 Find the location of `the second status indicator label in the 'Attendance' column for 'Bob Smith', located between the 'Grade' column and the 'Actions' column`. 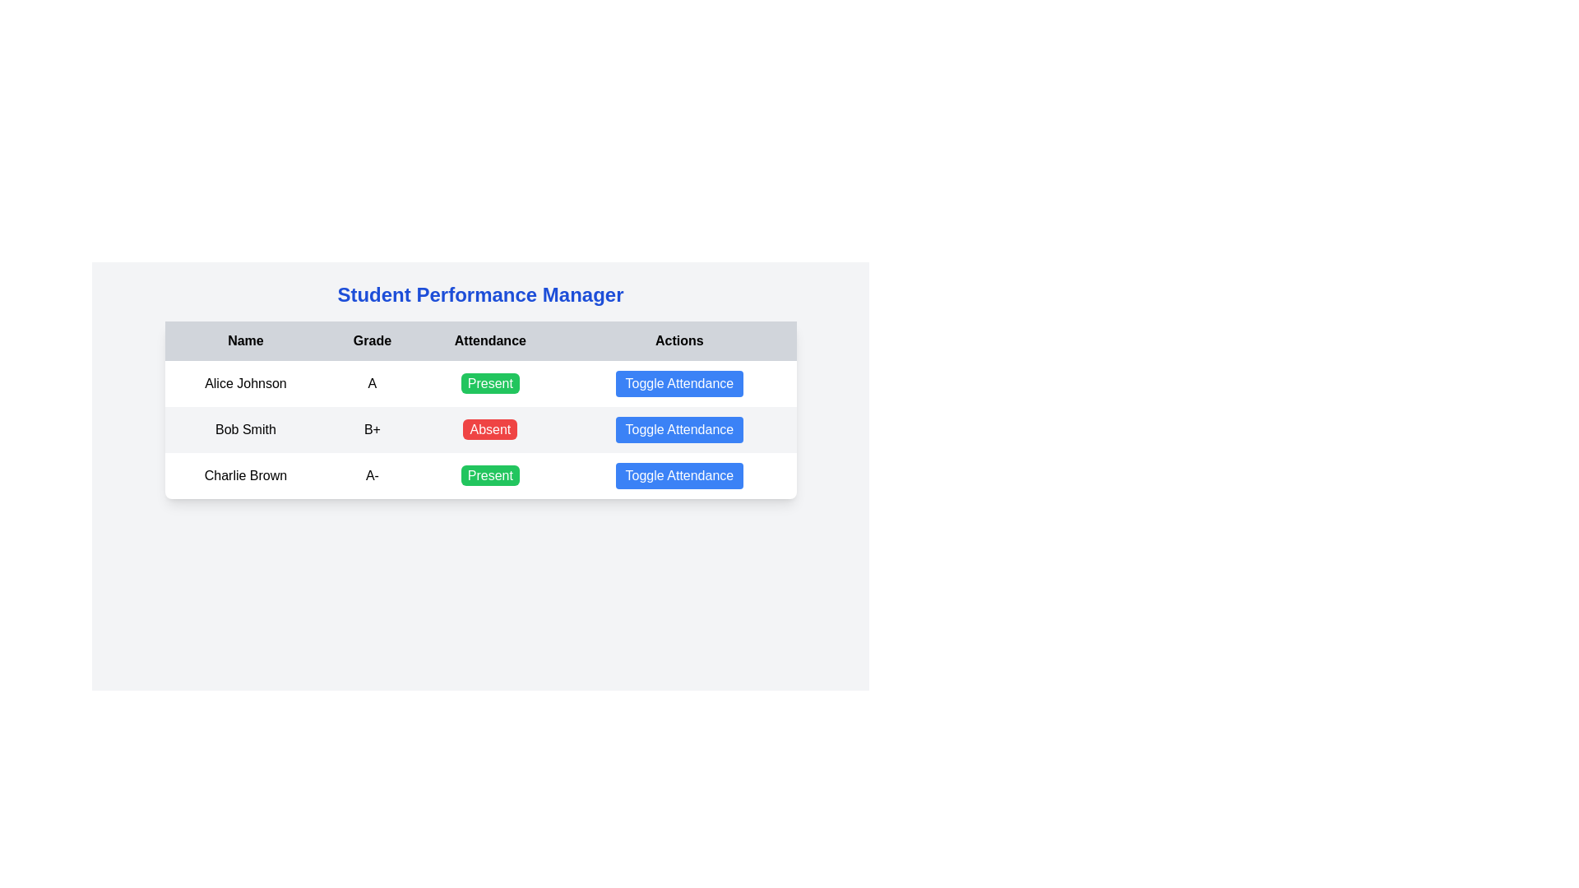

the second status indicator label in the 'Attendance' column for 'Bob Smith', located between the 'Grade' column and the 'Actions' column is located at coordinates (489, 428).